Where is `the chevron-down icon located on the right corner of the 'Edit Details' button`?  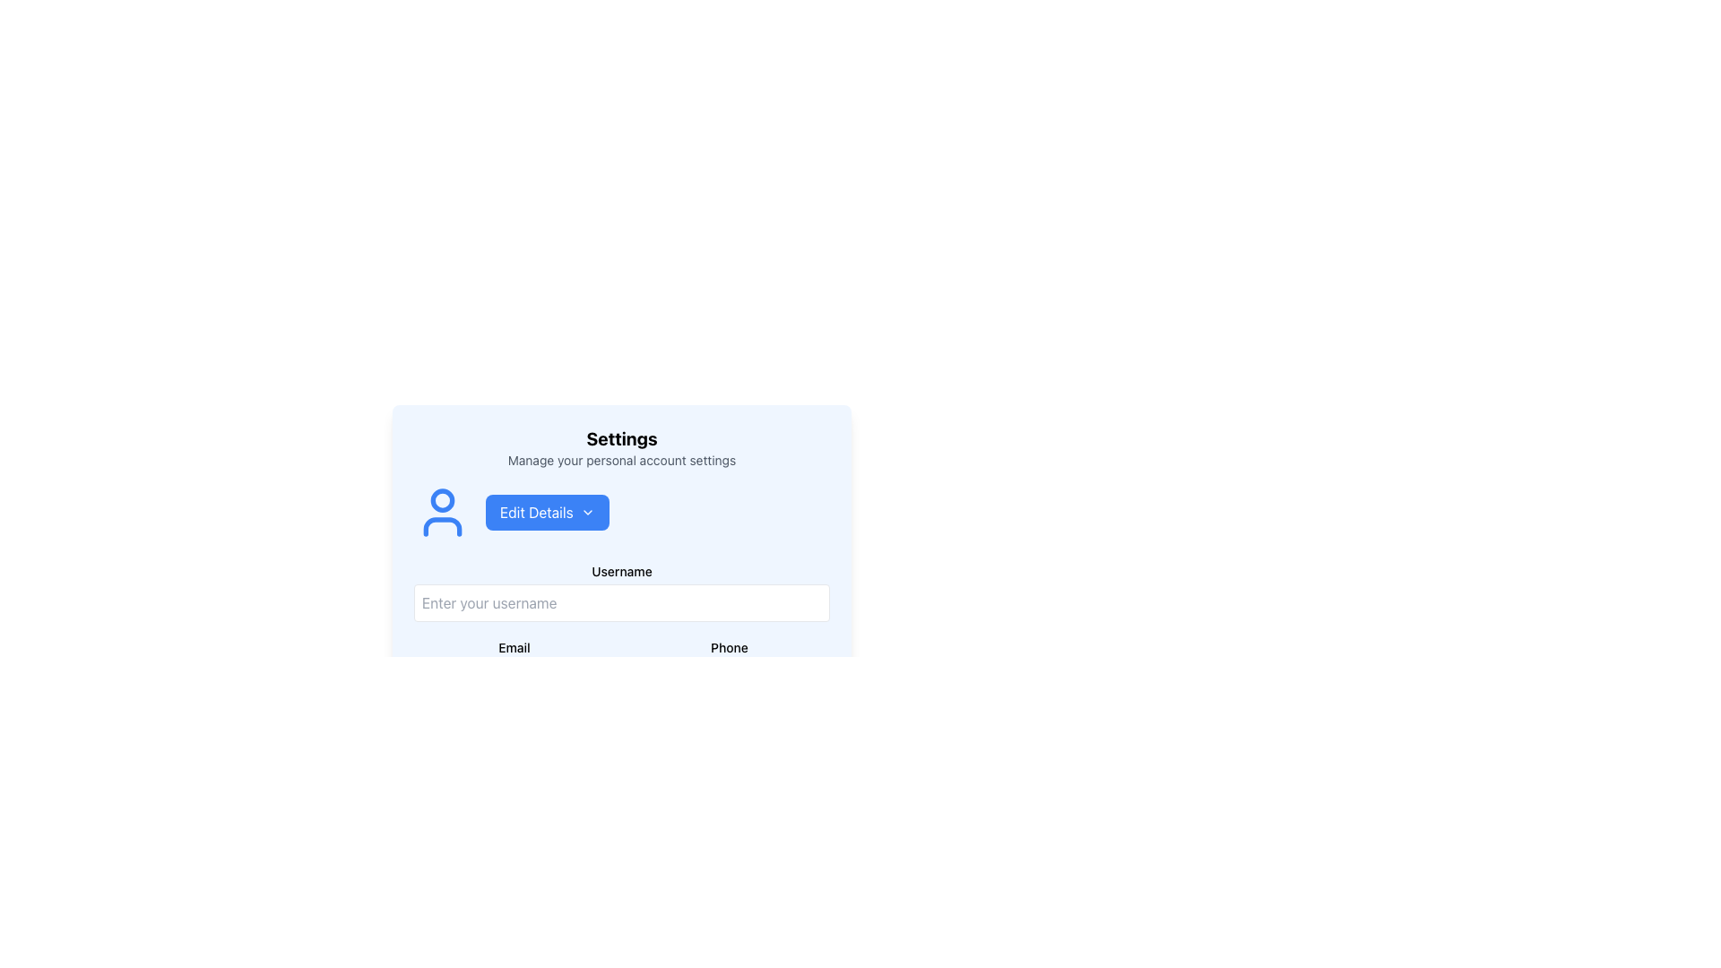 the chevron-down icon located on the right corner of the 'Edit Details' button is located at coordinates (587, 512).